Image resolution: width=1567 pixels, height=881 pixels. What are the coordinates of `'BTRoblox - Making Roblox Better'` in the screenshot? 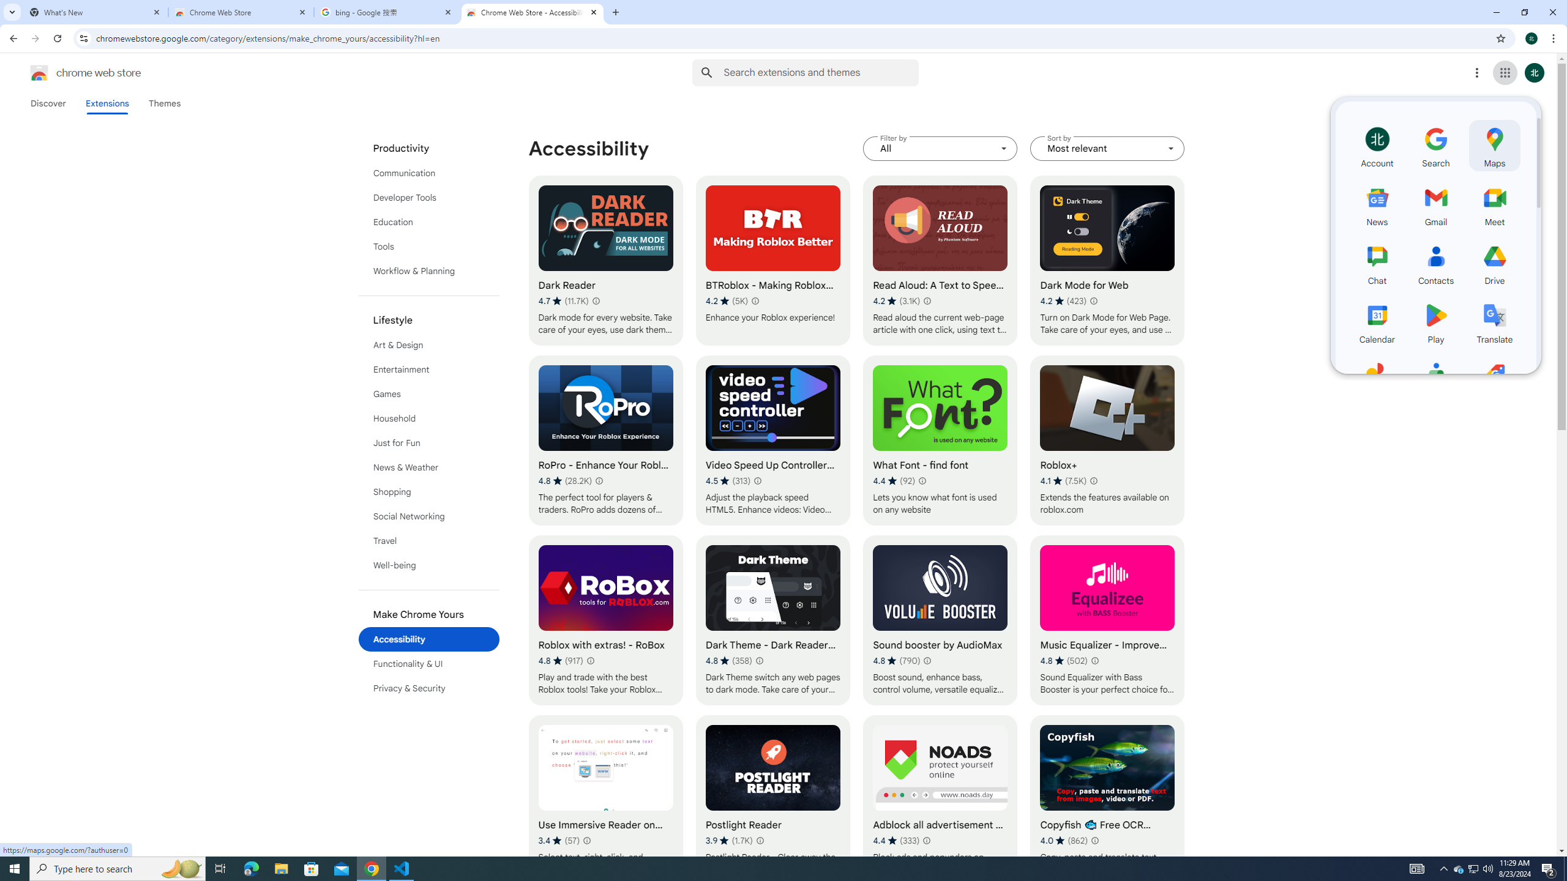 It's located at (773, 260).